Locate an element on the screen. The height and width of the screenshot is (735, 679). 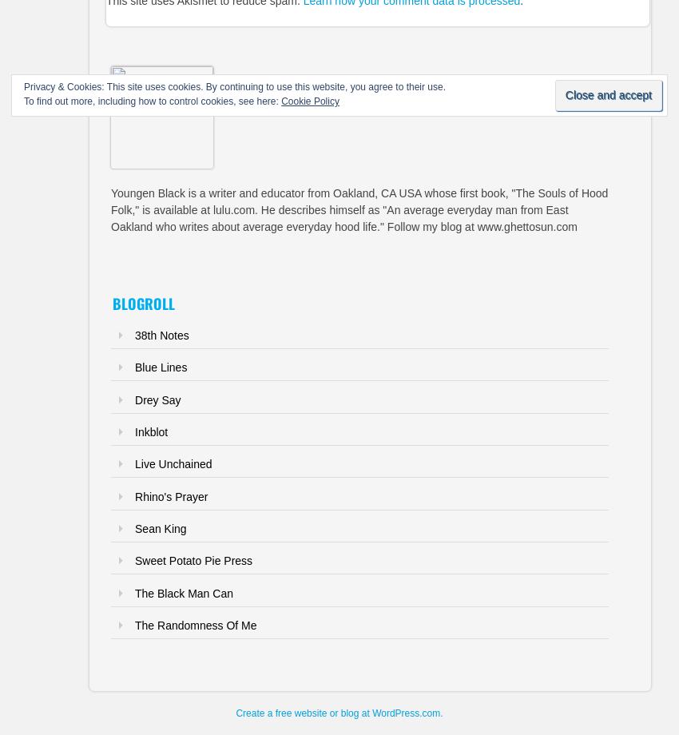
'Privacy & Cookies: This site uses cookies. By continuing to use this website, you agree to their use.' is located at coordinates (234, 87).